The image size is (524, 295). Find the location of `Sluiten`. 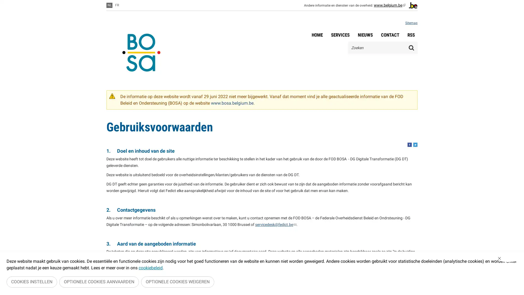

Sluiten is located at coordinates (508, 259).